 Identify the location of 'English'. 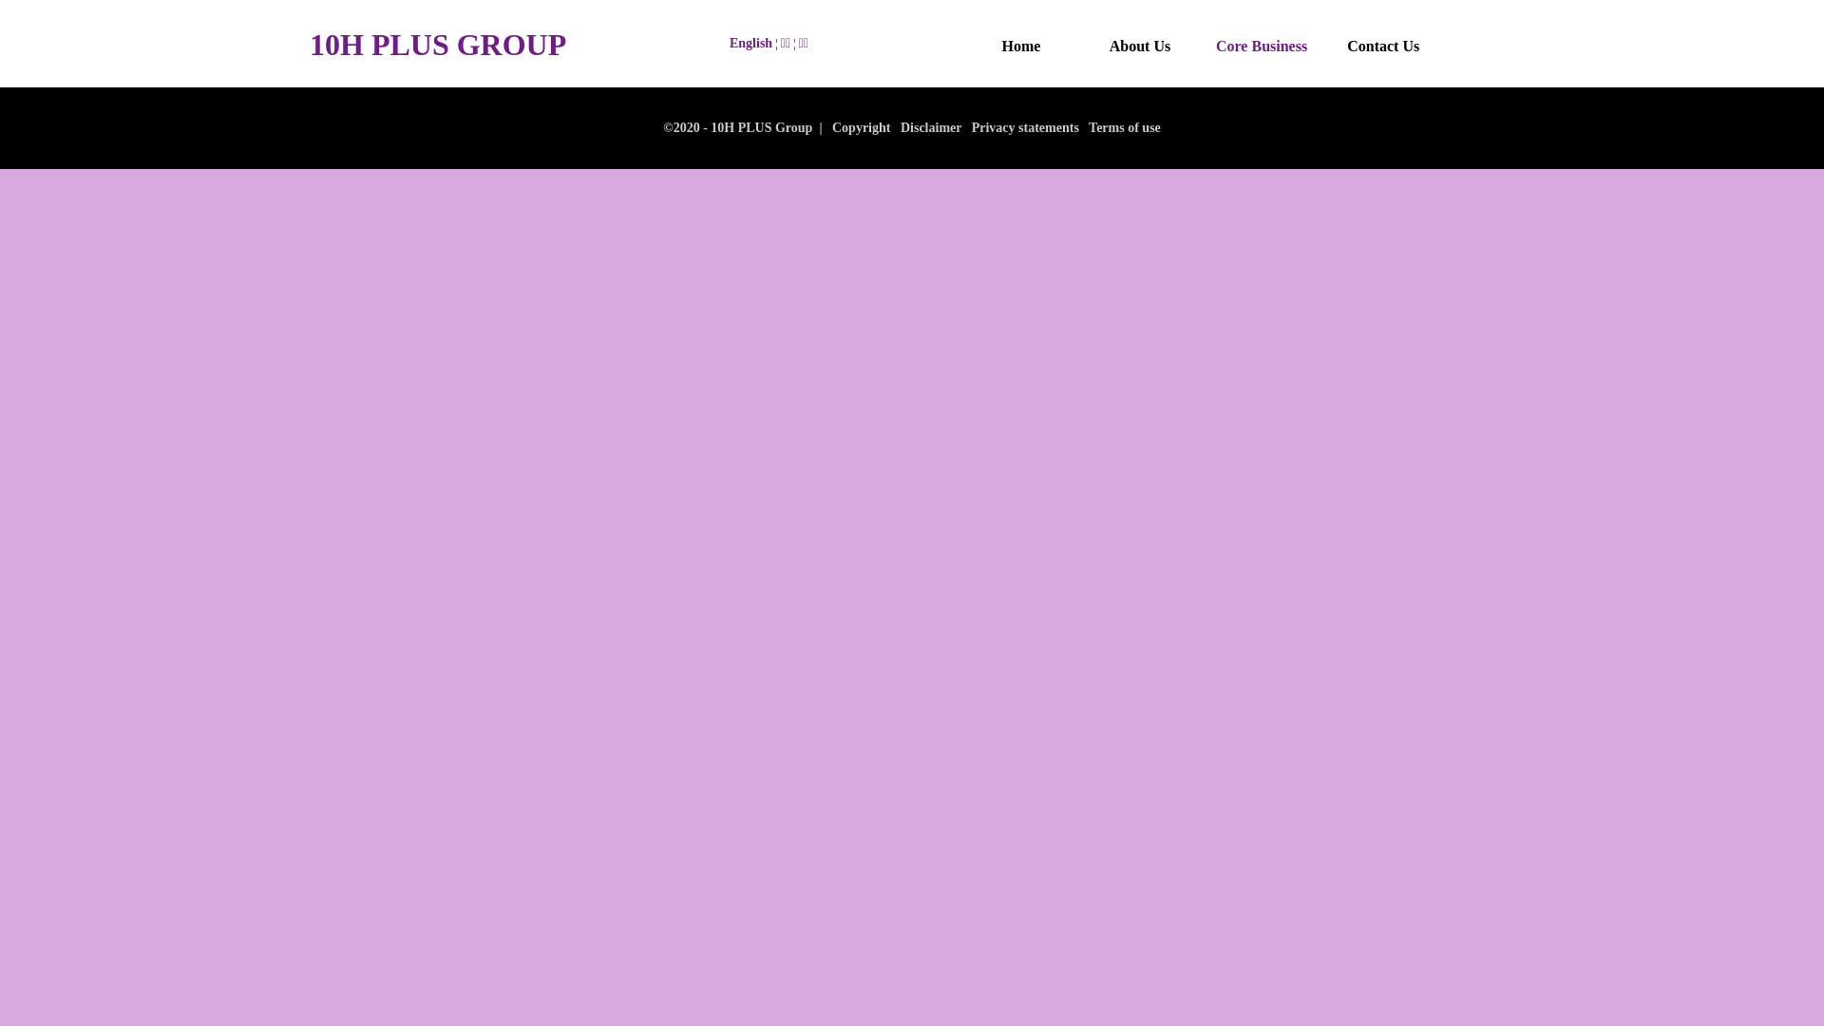
(750, 43).